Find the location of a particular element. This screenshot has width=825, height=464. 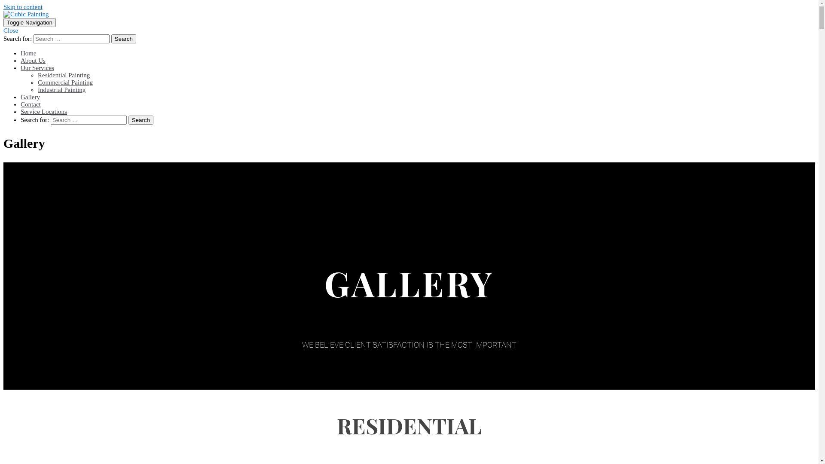

'Residential Painting' is located at coordinates (63, 74).